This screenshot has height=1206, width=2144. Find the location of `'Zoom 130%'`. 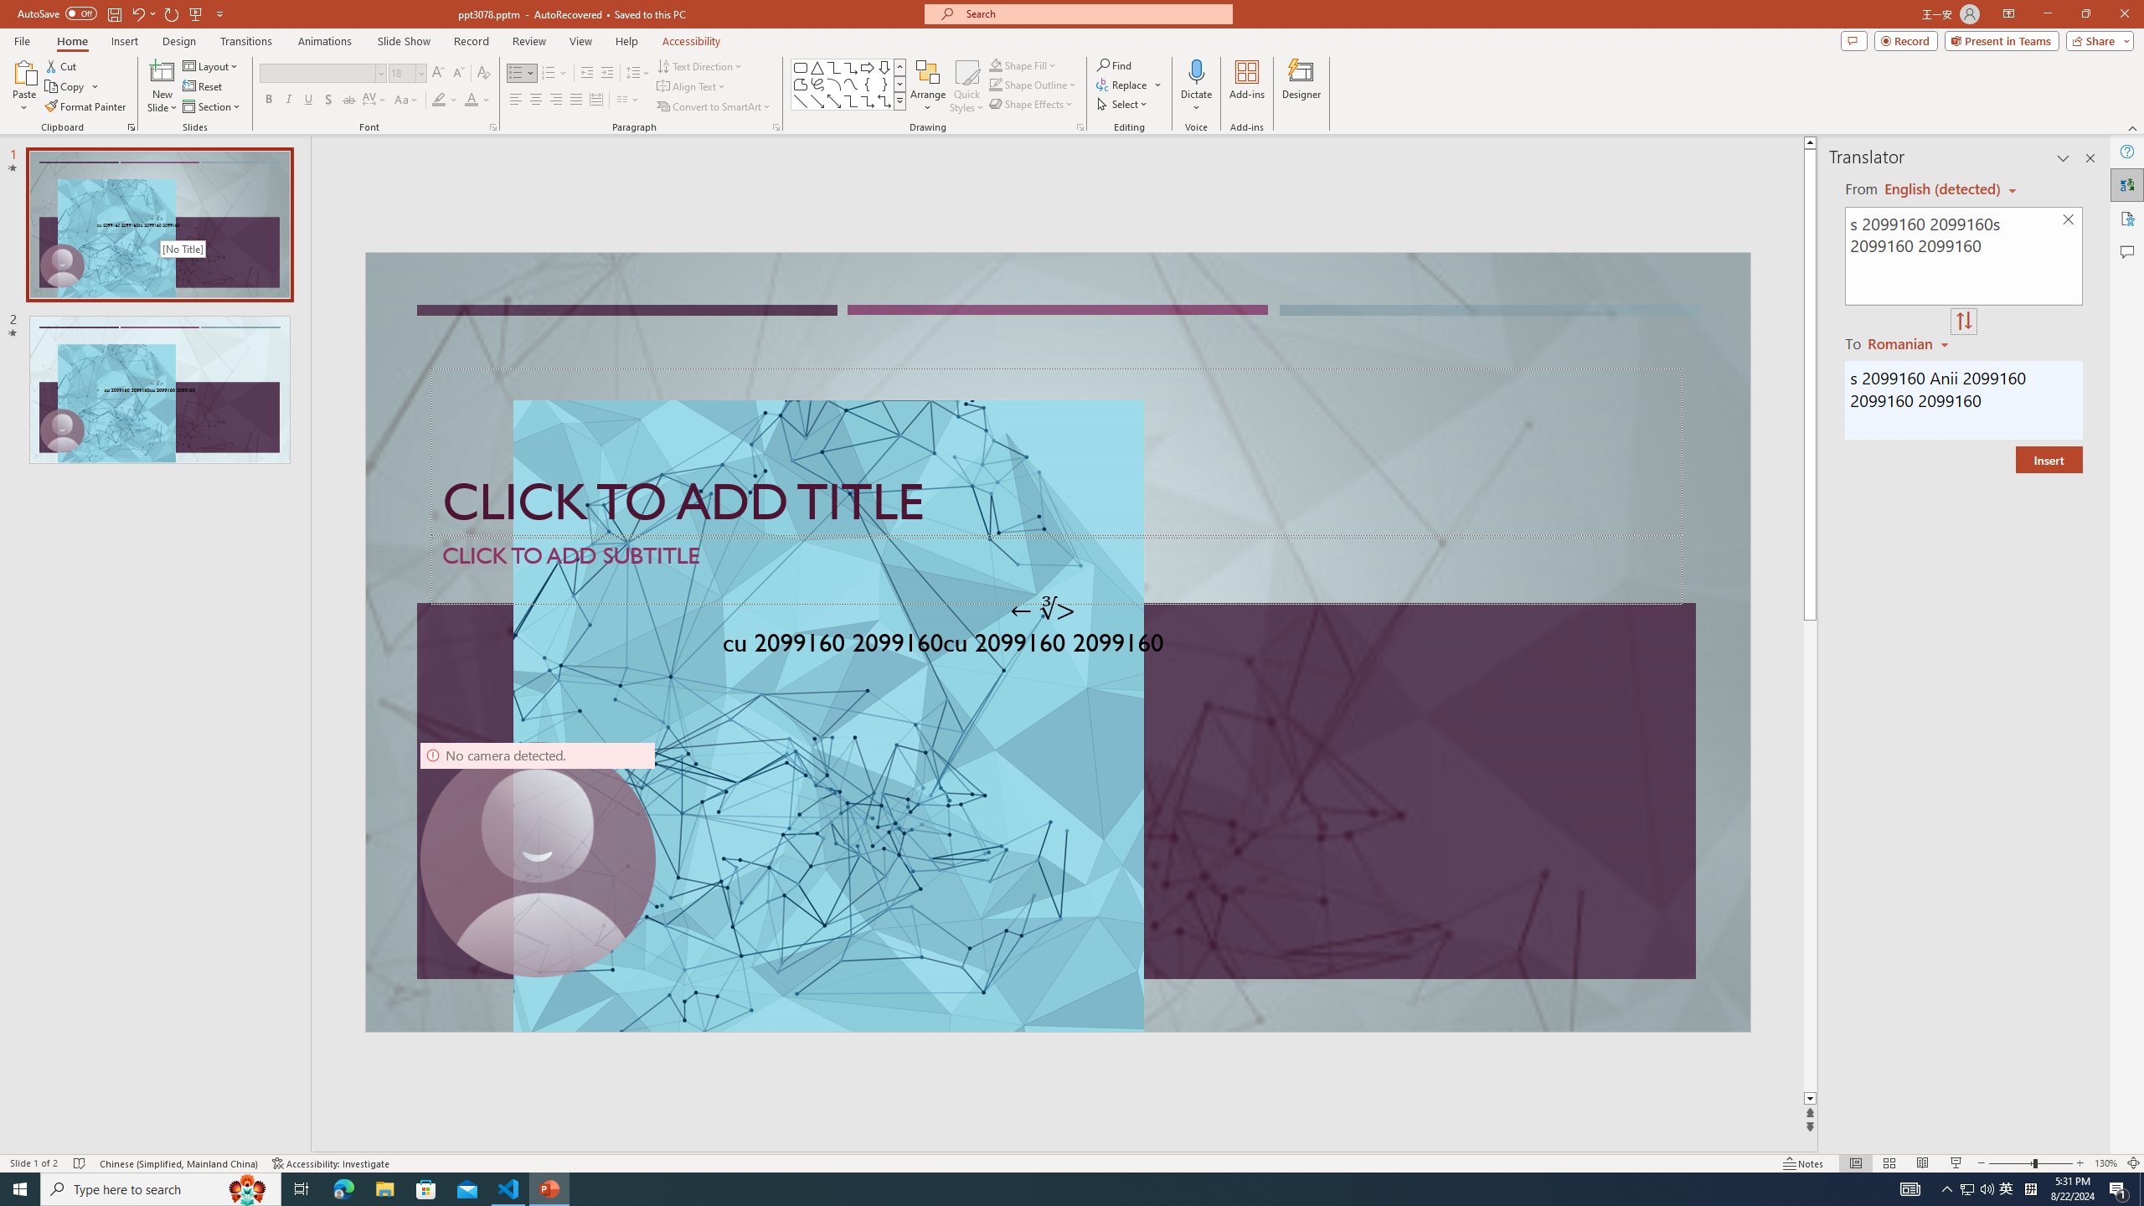

'Zoom 130%' is located at coordinates (2106, 1163).